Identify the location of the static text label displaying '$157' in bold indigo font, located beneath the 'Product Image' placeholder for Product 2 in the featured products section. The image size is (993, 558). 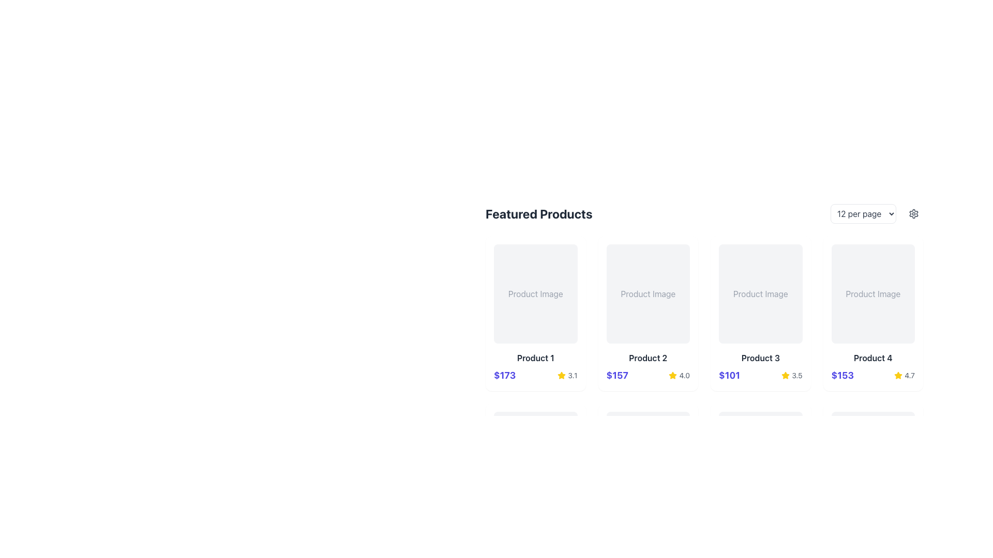
(617, 375).